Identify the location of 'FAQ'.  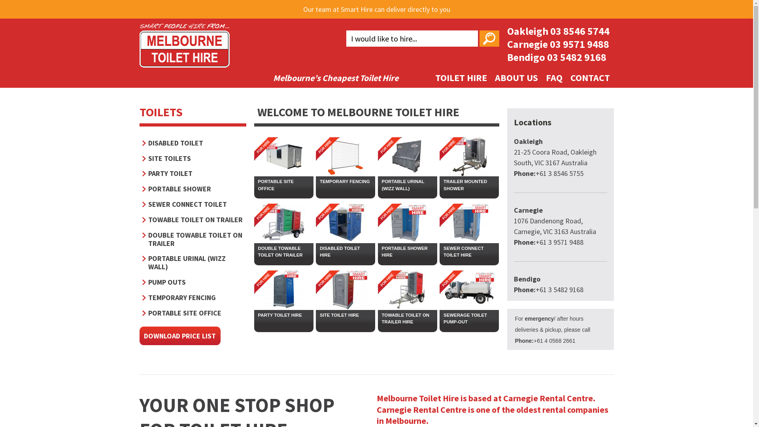
(541, 77).